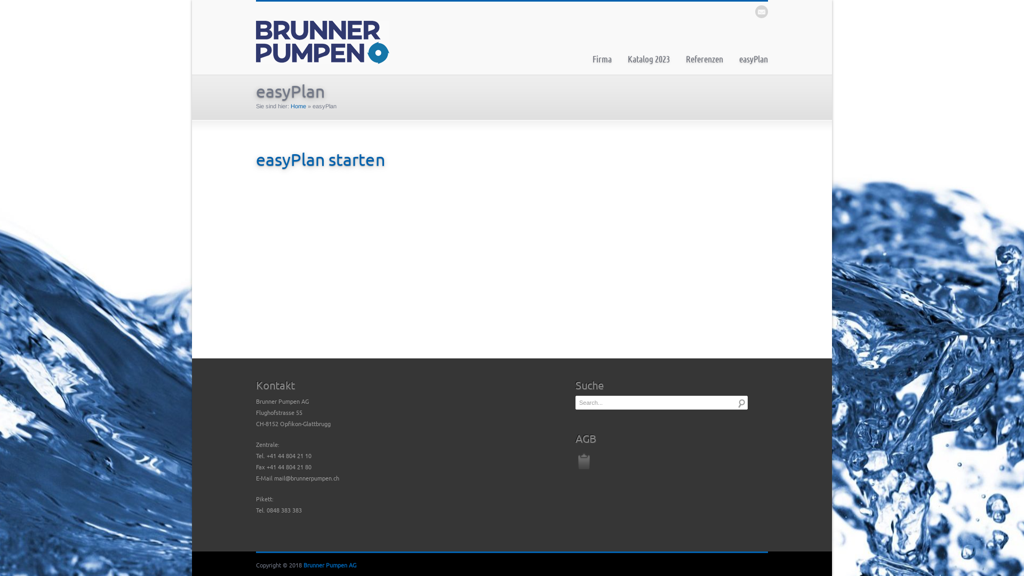  What do you see at coordinates (648, 59) in the screenshot?
I see `'Katalog 2023'` at bounding box center [648, 59].